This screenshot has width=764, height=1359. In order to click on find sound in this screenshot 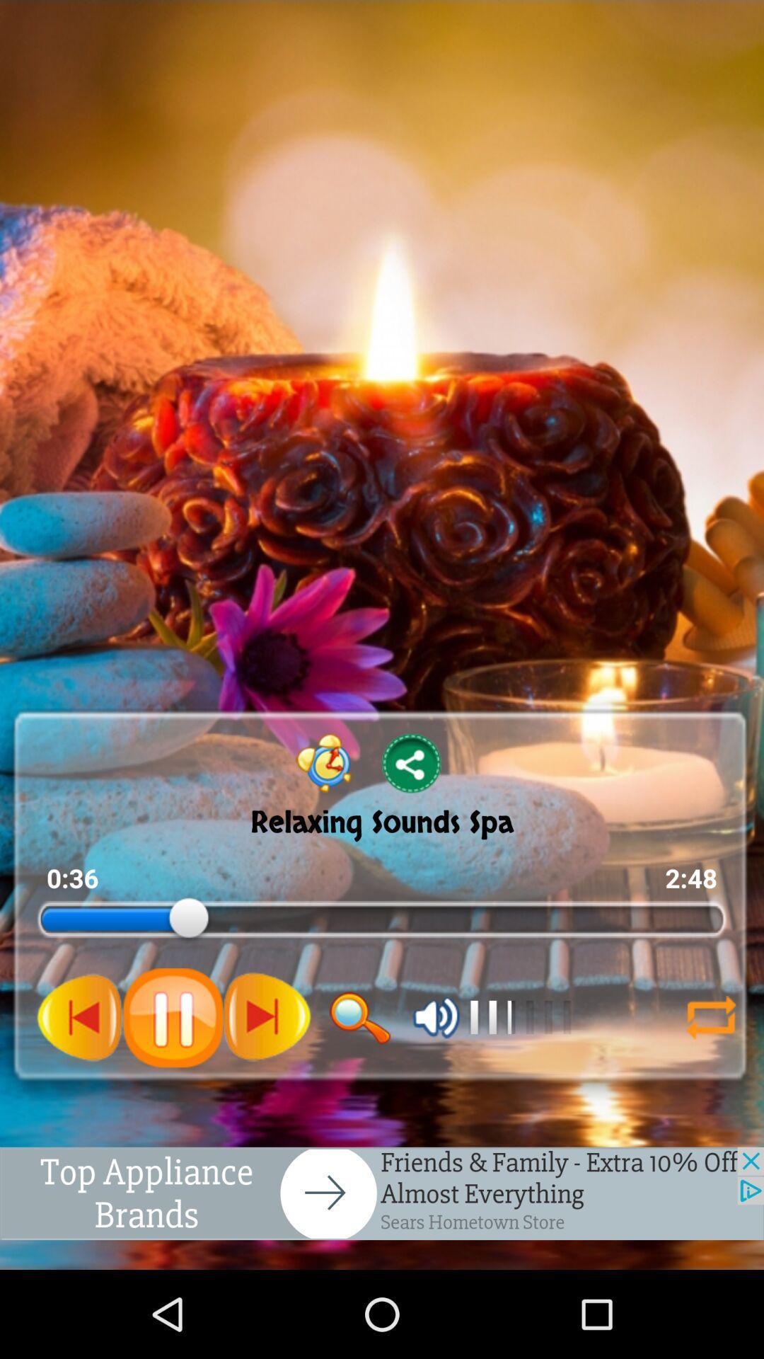, I will do `click(359, 1017)`.